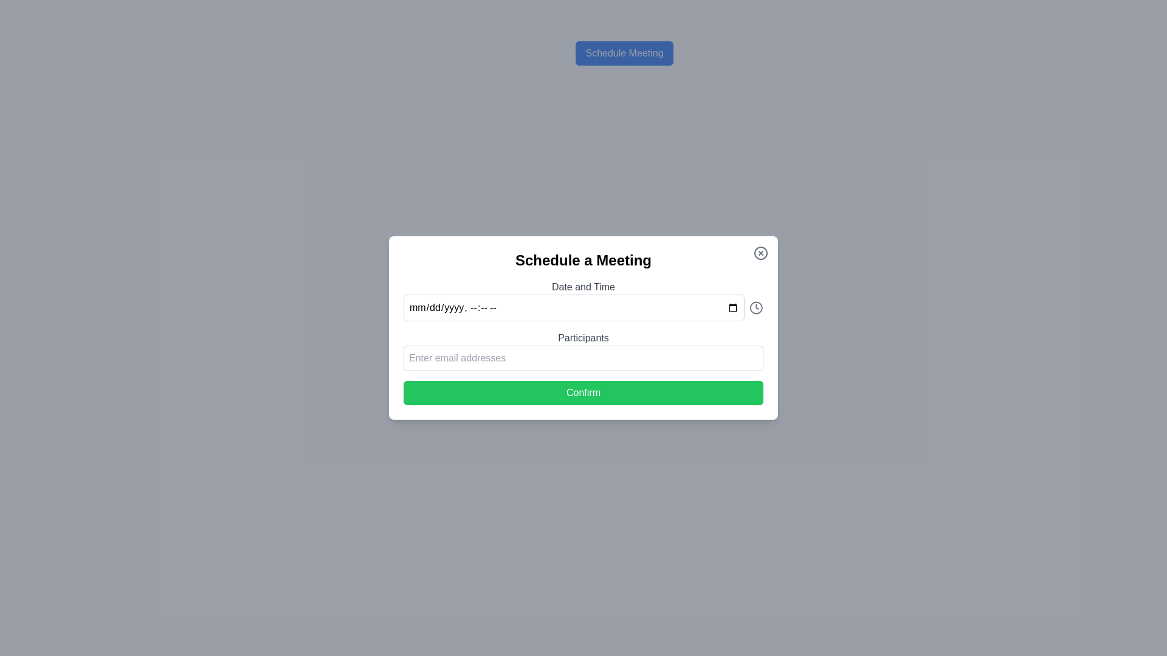 Image resolution: width=1167 pixels, height=656 pixels. Describe the element at coordinates (583, 351) in the screenshot. I see `the input field labeled 'Participants' with the placeholder 'Enter email addresses' to focus on it` at that location.